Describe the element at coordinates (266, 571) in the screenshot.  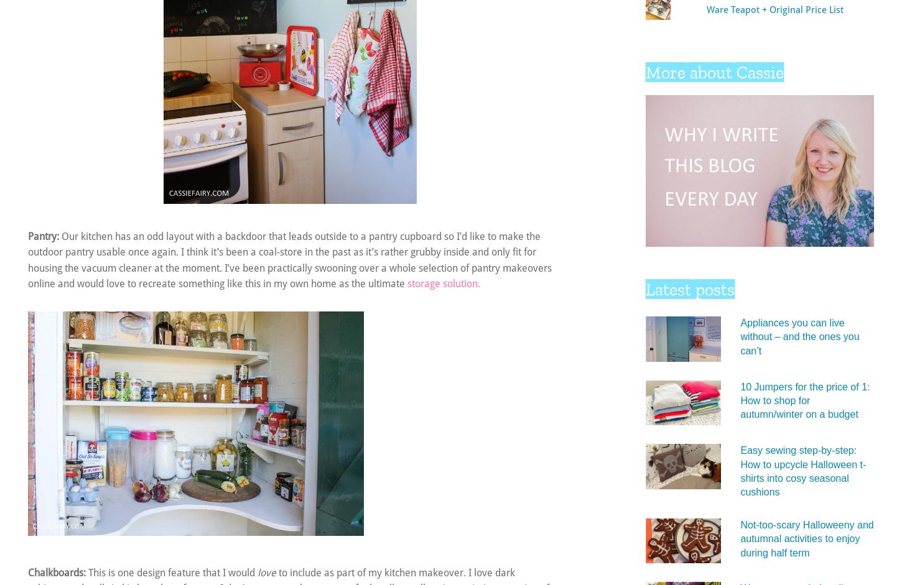
I see `'love'` at that location.